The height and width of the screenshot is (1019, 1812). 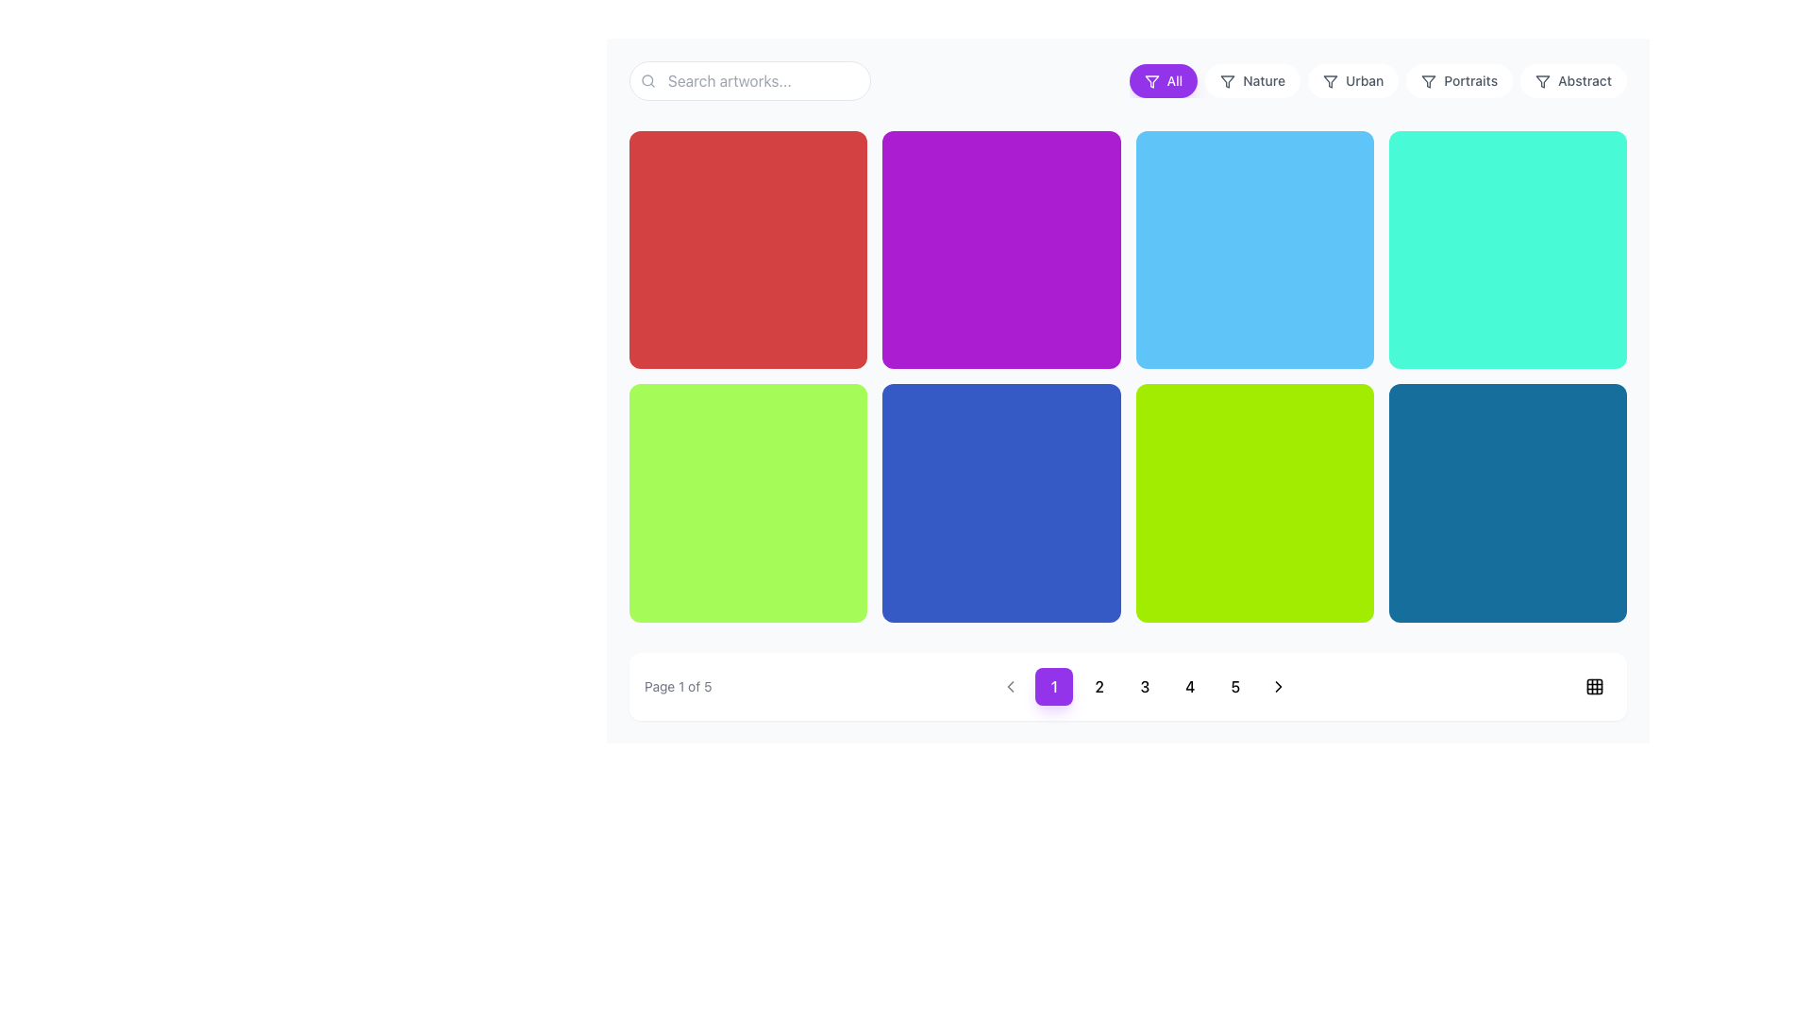 What do you see at coordinates (1330, 81) in the screenshot?
I see `the filter icon located to the left of the 'All' button in the toolbar to observe the tooltip or visual response indicating its relation to the filter options` at bounding box center [1330, 81].